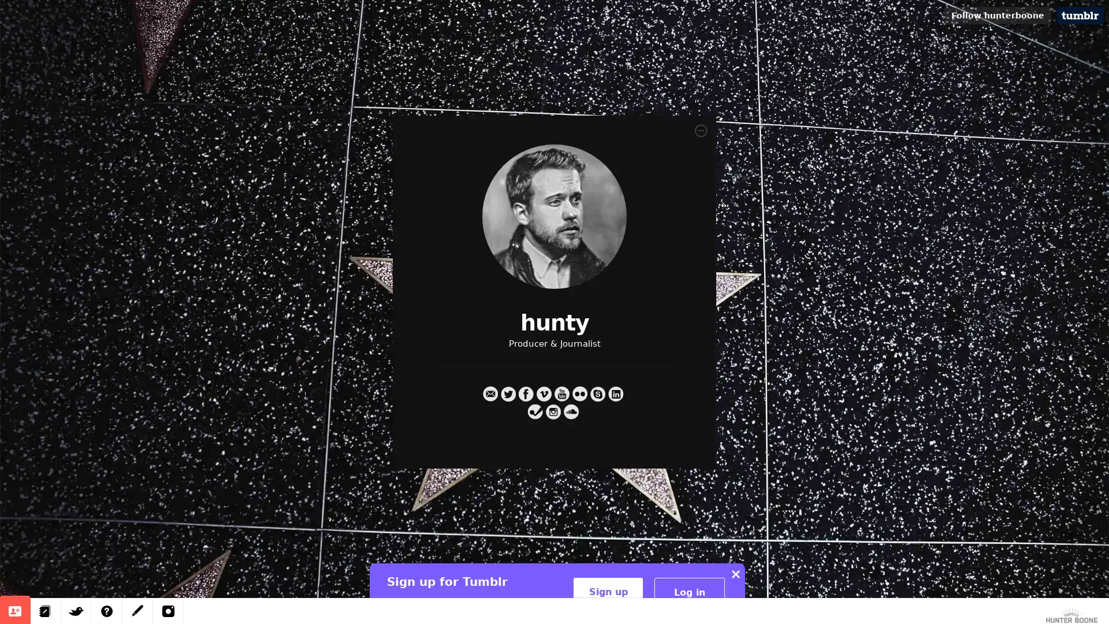 The image size is (1109, 624). What do you see at coordinates (1078, 606) in the screenshot?
I see `enter full screen` at bounding box center [1078, 606].